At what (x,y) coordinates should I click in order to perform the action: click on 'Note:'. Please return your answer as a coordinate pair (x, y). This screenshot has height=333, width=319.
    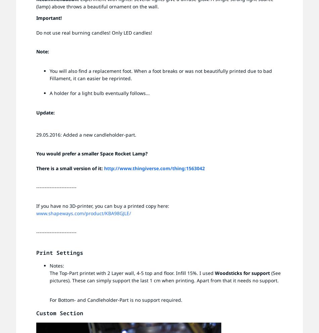
    Looking at the image, I should click on (43, 51).